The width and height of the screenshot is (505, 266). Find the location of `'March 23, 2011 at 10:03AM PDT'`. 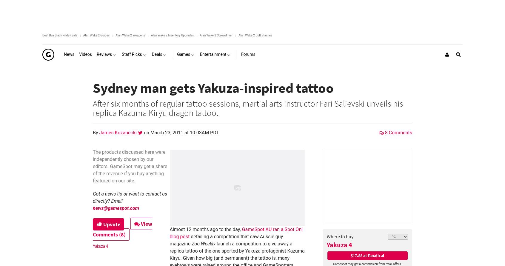

'March 23, 2011 at 10:03AM PDT' is located at coordinates (150, 133).